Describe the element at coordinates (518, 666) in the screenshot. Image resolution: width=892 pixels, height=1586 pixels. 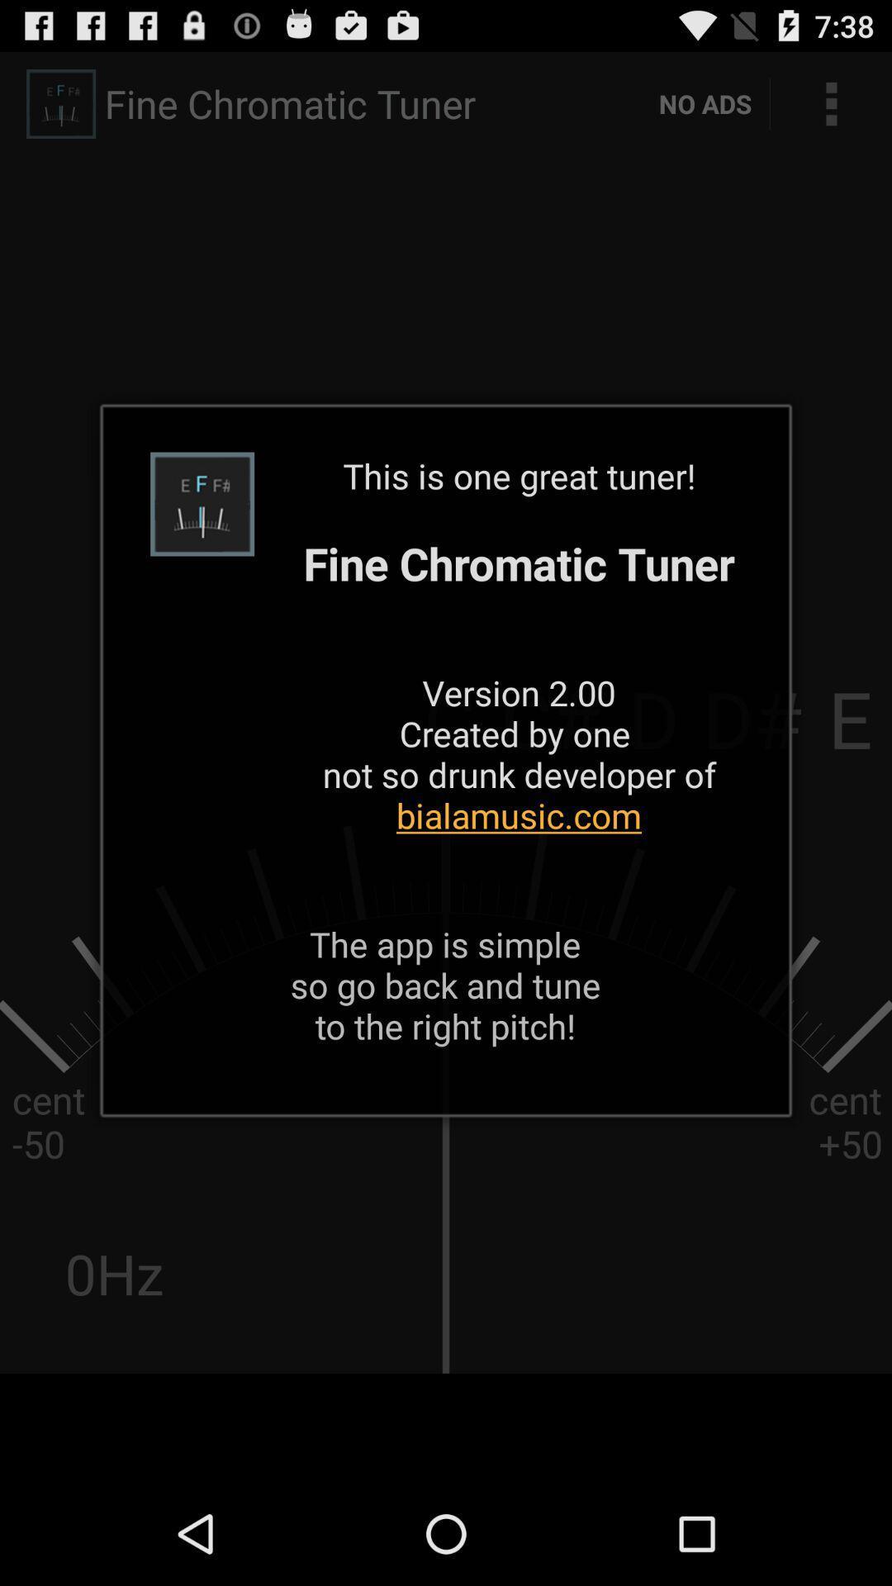
I see `icon above the app is app` at that location.